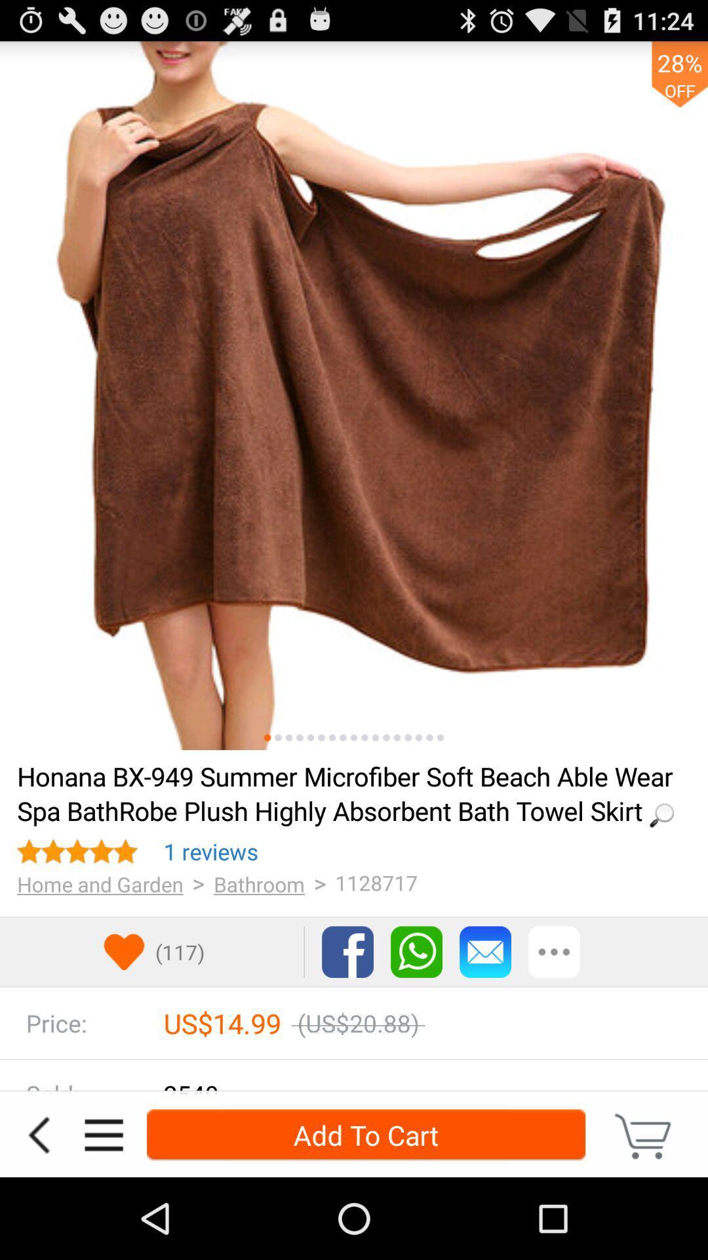  What do you see at coordinates (210, 851) in the screenshot?
I see `the icon below loading... item` at bounding box center [210, 851].